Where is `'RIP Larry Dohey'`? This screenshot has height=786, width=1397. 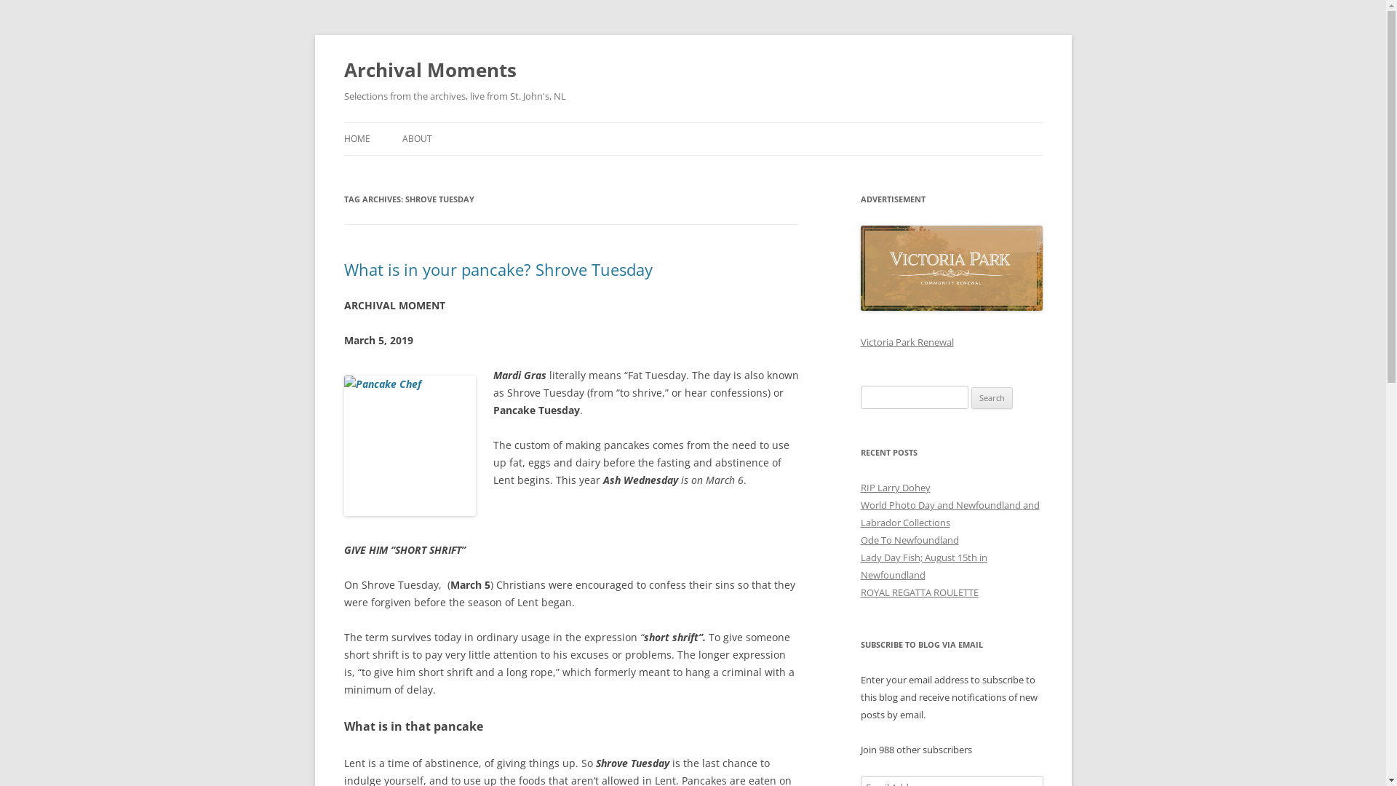
'RIP Larry Dohey' is located at coordinates (859, 488).